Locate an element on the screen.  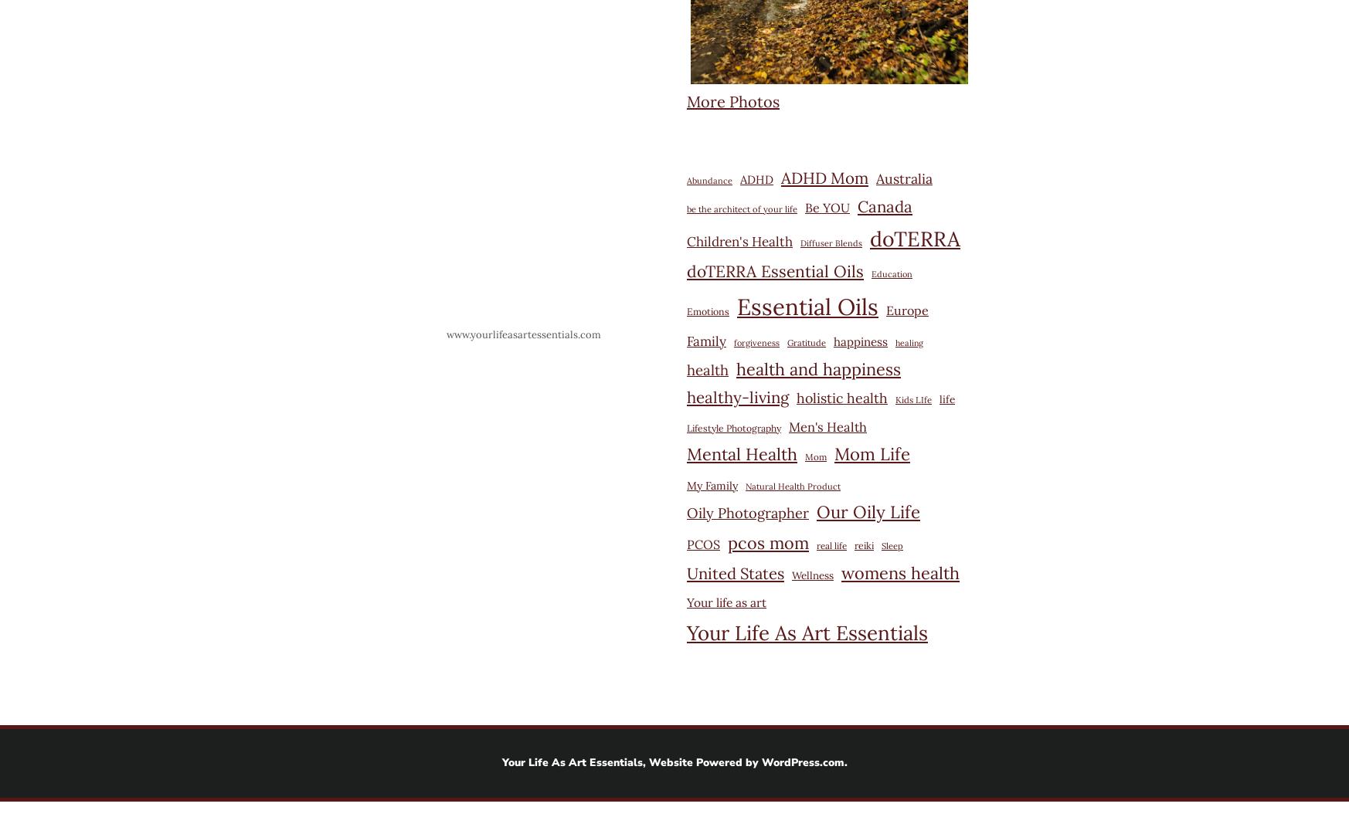
'healthy-living' is located at coordinates (737, 396).